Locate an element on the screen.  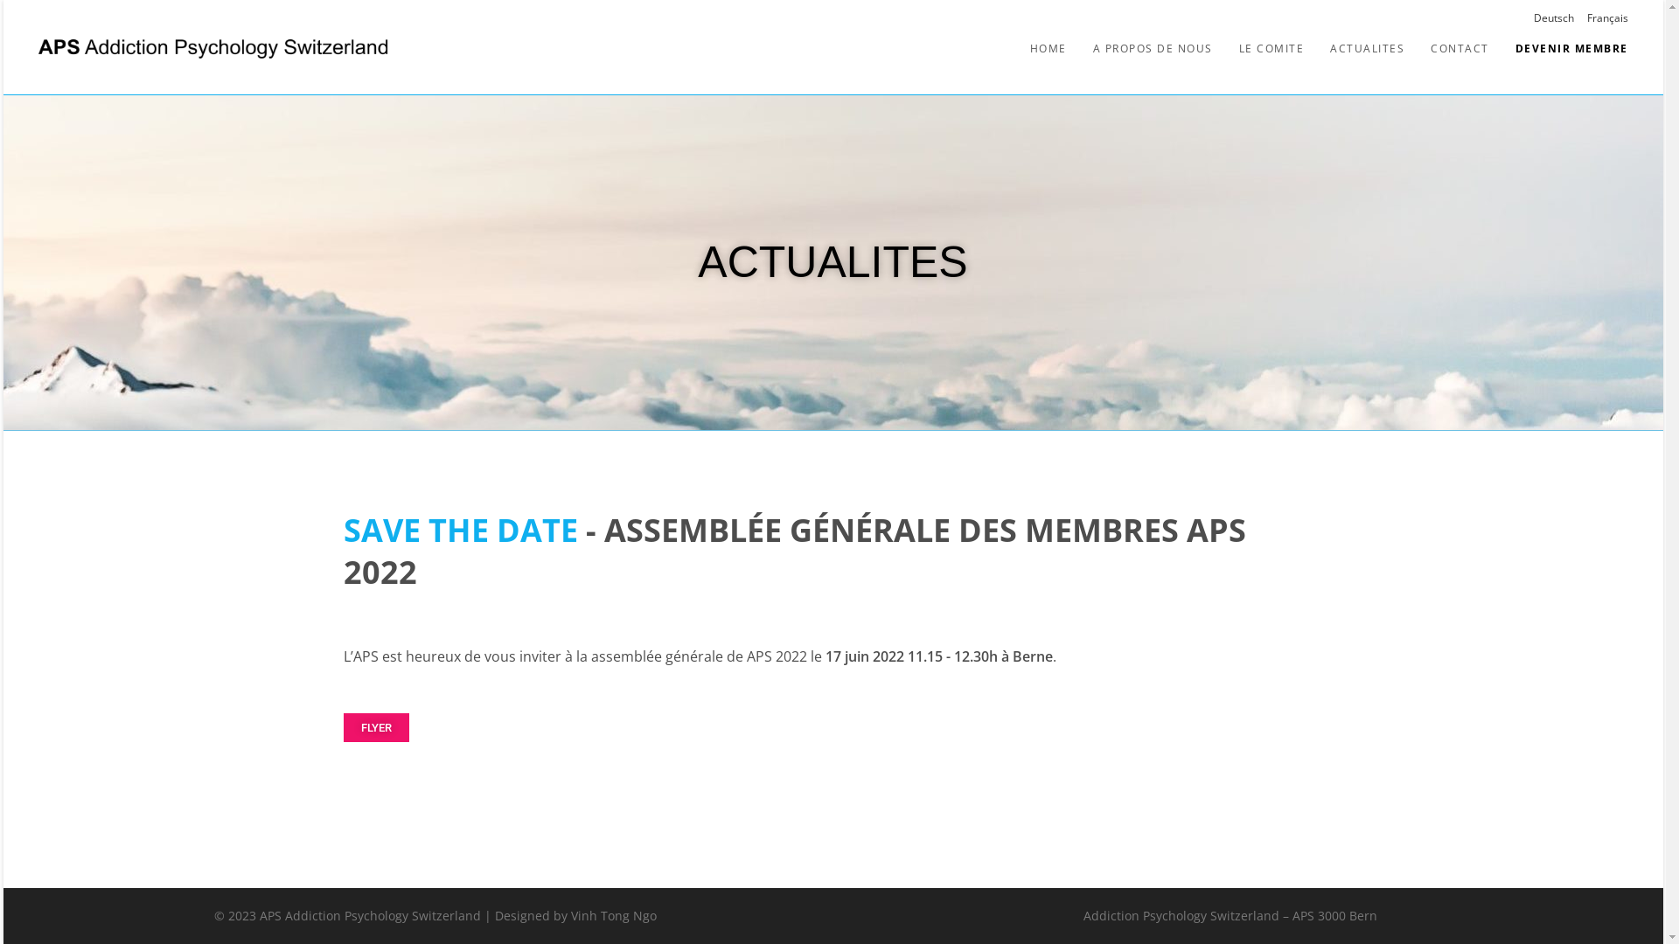
'Deutsch' is located at coordinates (1553, 17).